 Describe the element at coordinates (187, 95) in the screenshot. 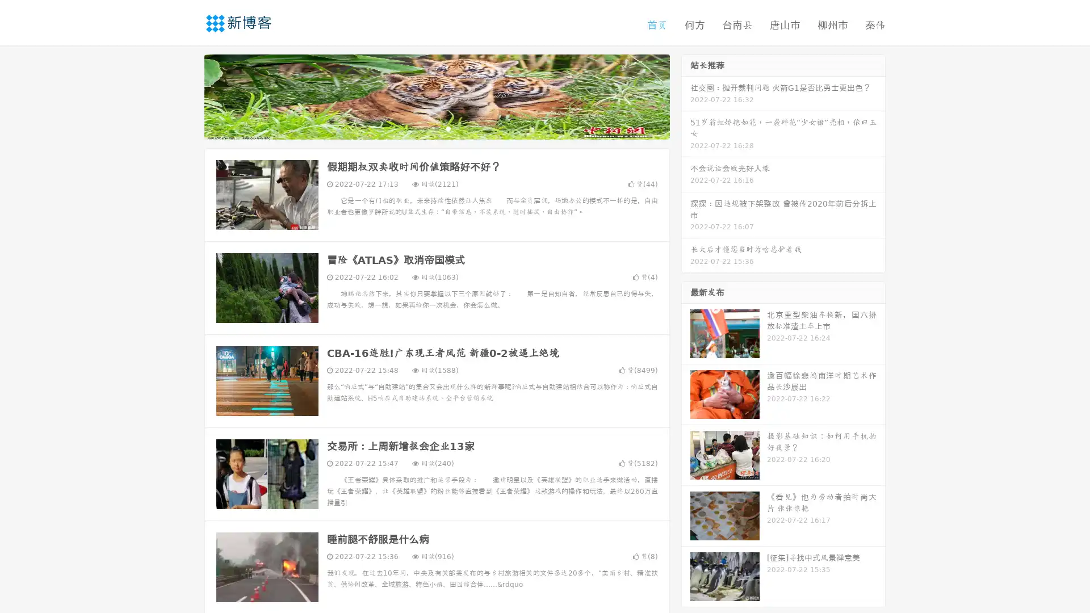

I see `Previous slide` at that location.